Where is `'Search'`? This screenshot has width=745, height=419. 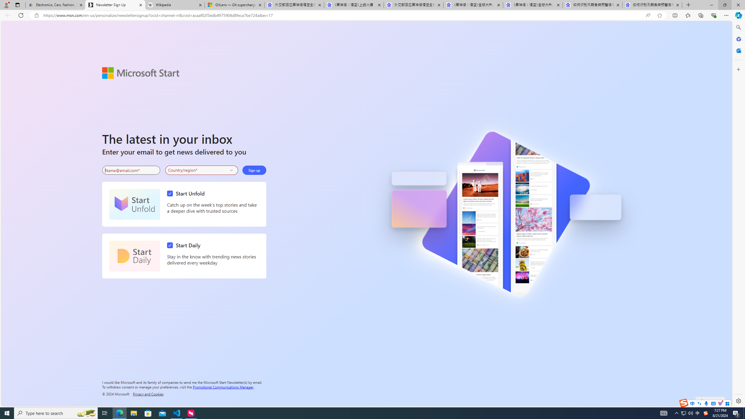 'Search' is located at coordinates (738, 27).